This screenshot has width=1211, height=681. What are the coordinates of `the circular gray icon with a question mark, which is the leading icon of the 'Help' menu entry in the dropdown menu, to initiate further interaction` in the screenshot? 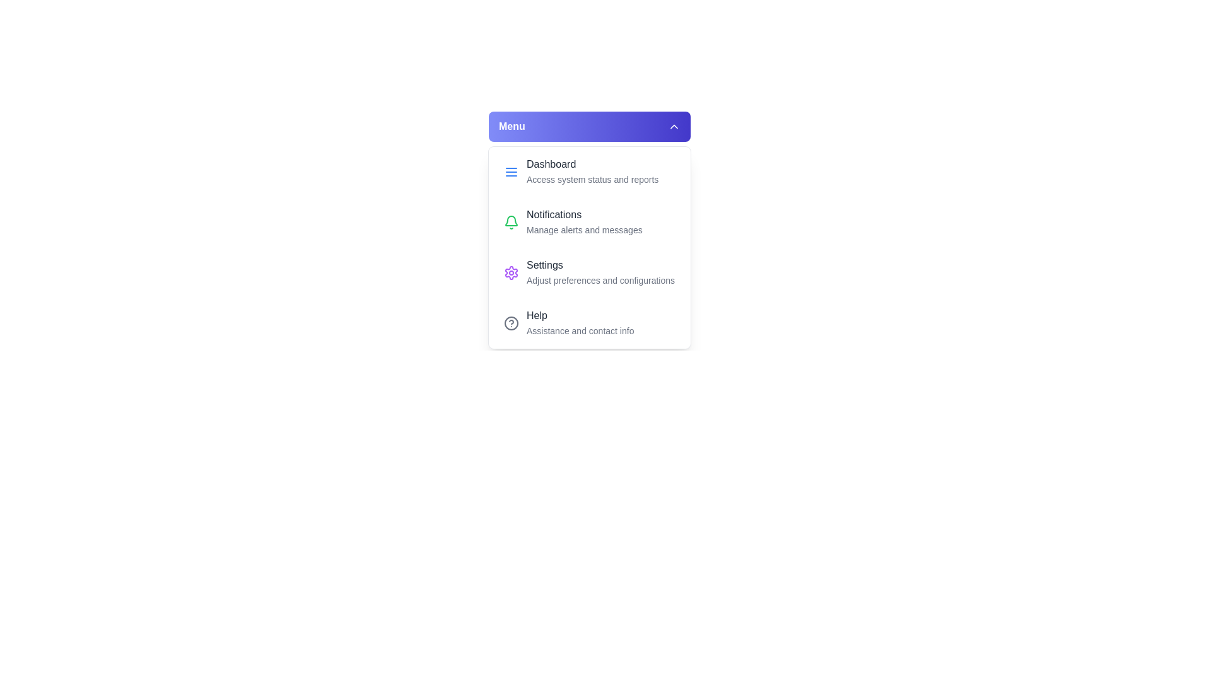 It's located at (512, 323).